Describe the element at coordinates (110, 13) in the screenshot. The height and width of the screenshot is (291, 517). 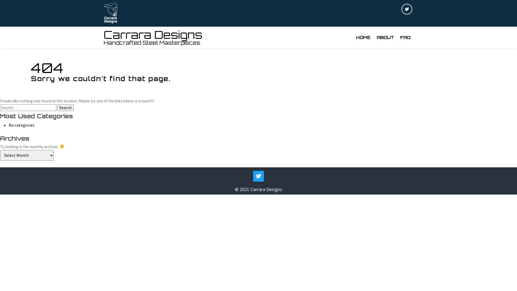
I see `'Logocarrarawit 150'` at that location.